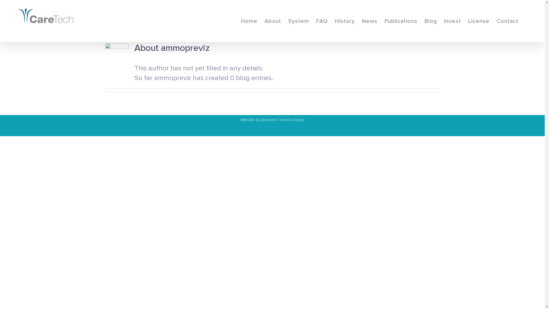 Image resolution: width=549 pixels, height=309 pixels. What do you see at coordinates (452, 21) in the screenshot?
I see `'Invest'` at bounding box center [452, 21].